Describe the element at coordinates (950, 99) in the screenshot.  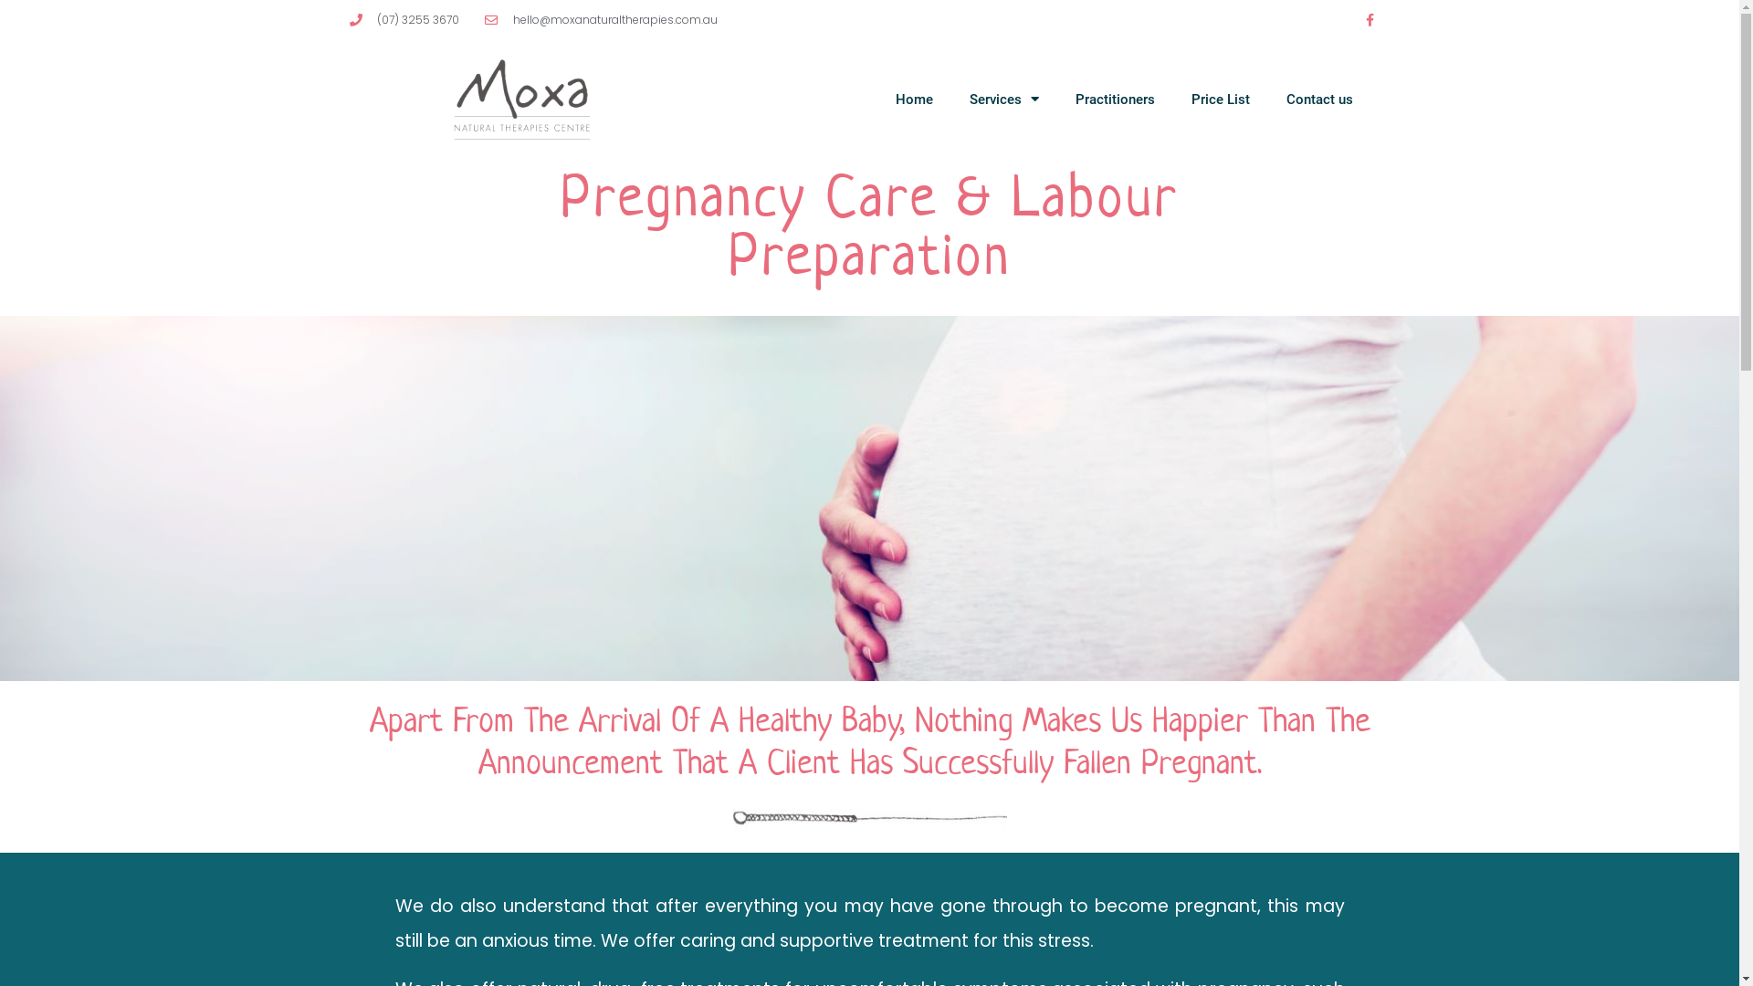
I see `'Services'` at that location.